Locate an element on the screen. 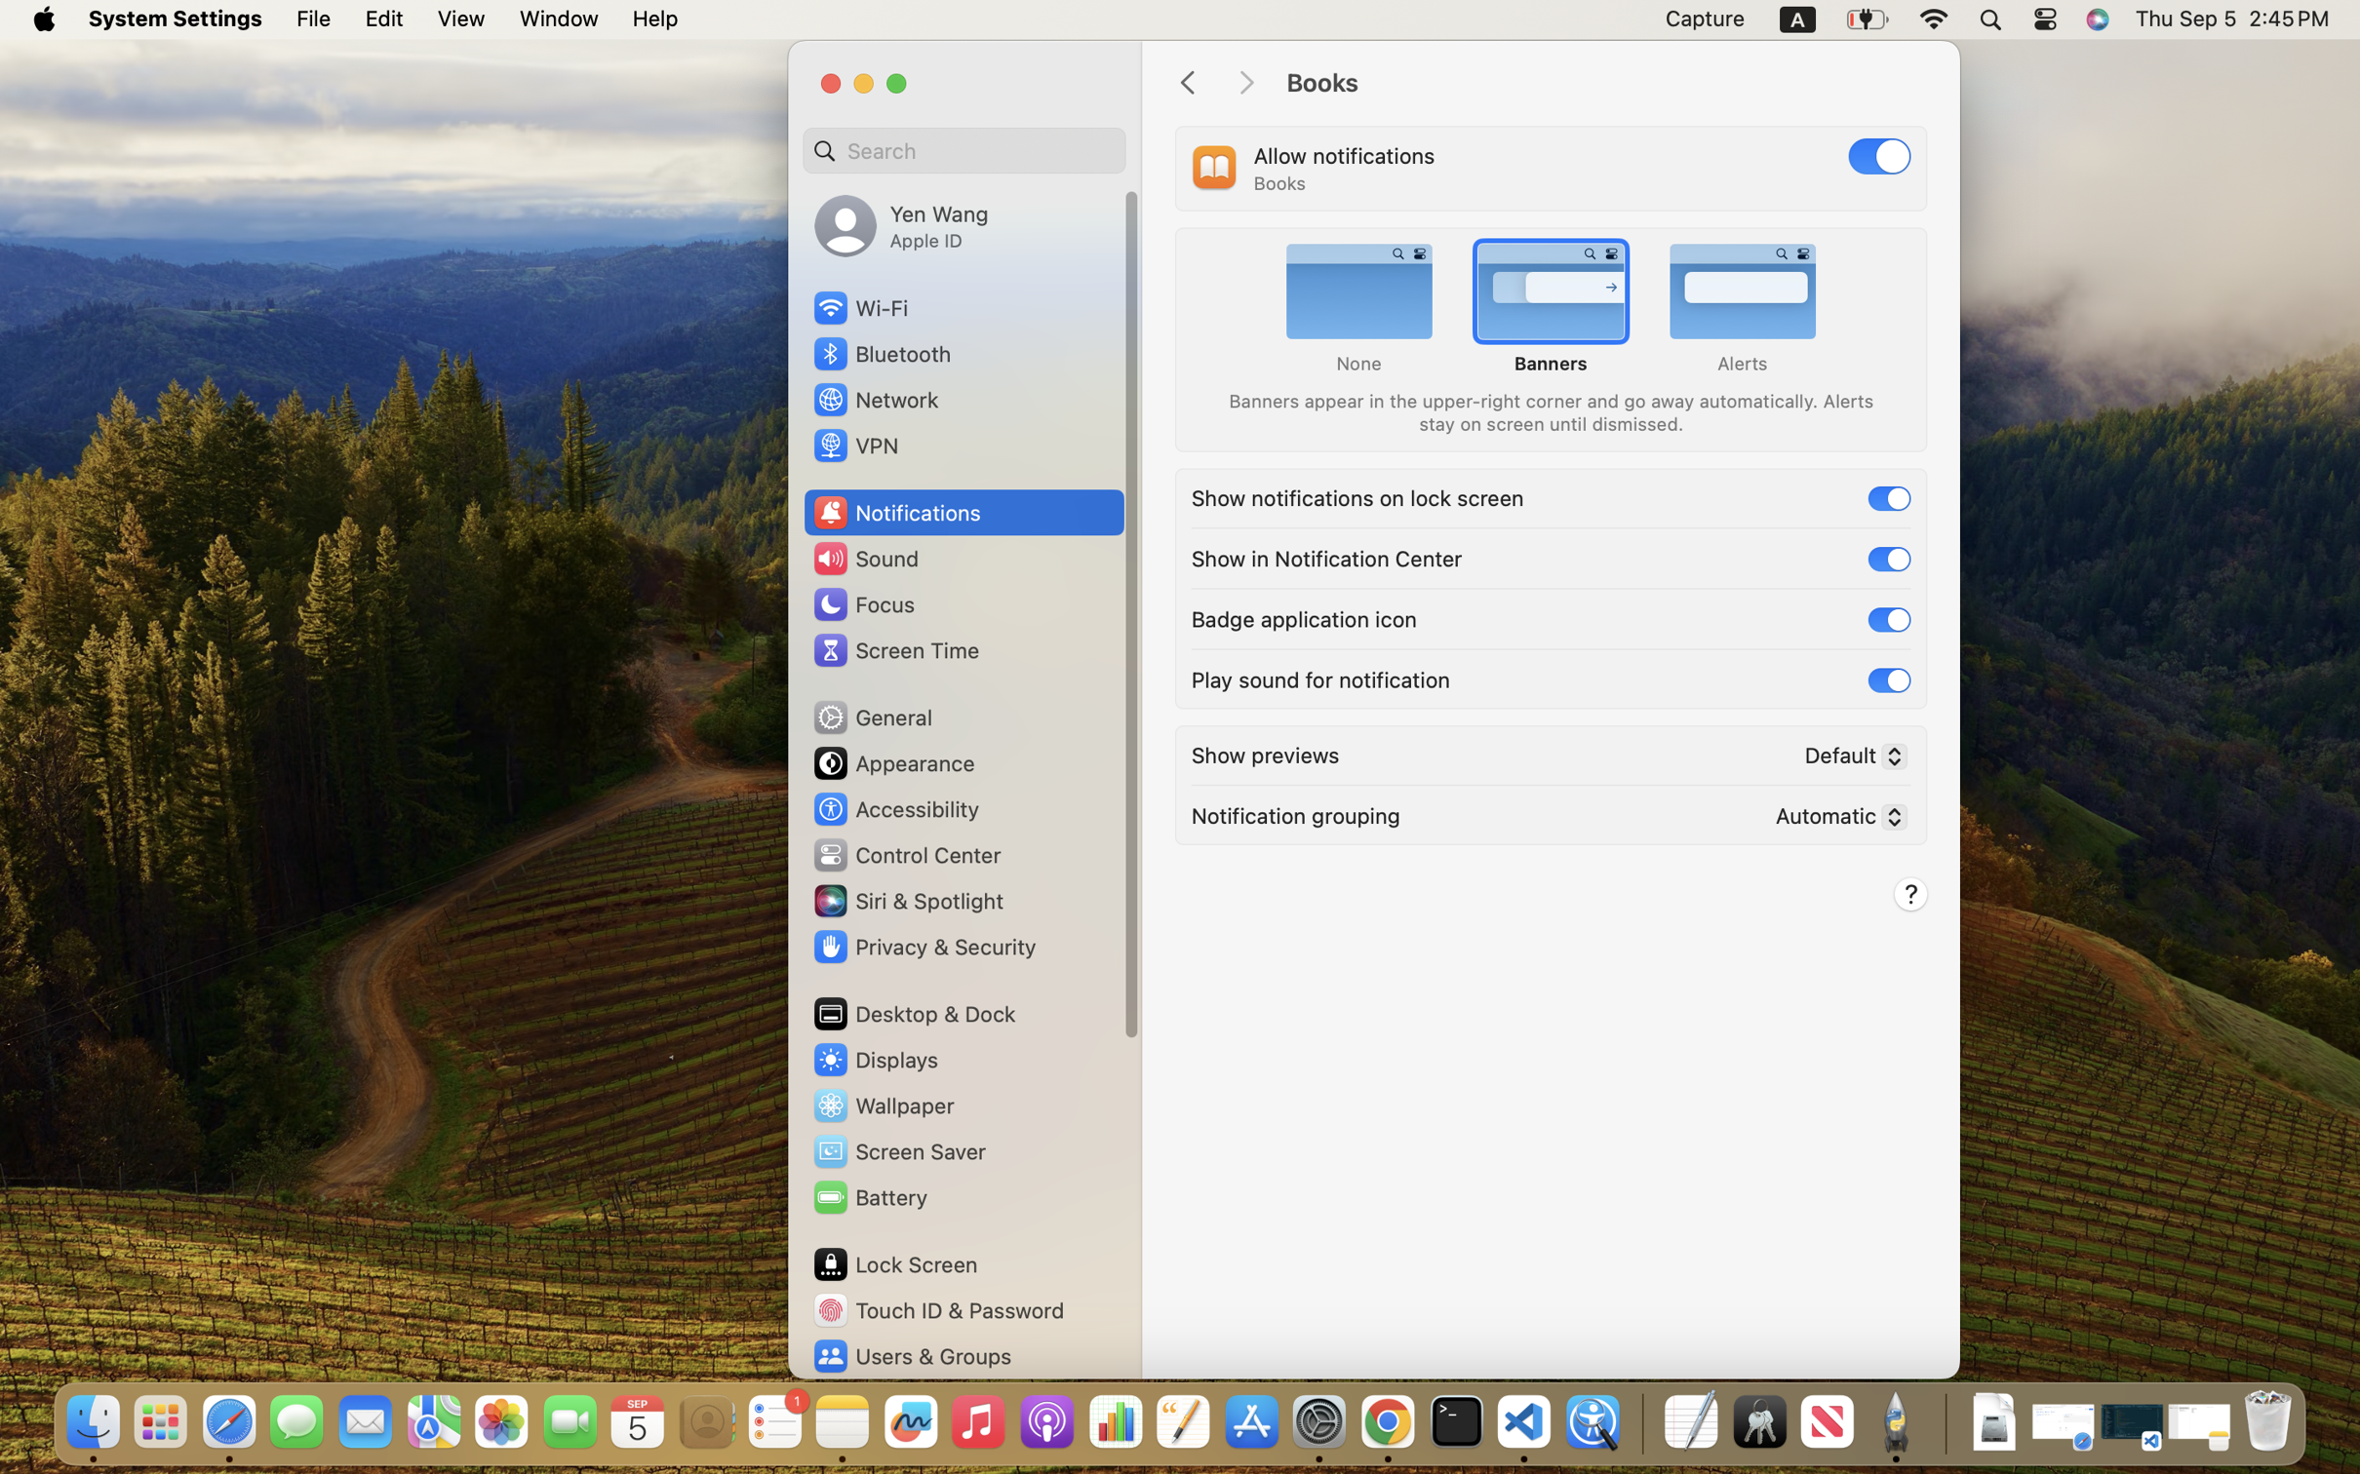 The image size is (2360, 1474). 'Screen Time' is located at coordinates (895, 648).